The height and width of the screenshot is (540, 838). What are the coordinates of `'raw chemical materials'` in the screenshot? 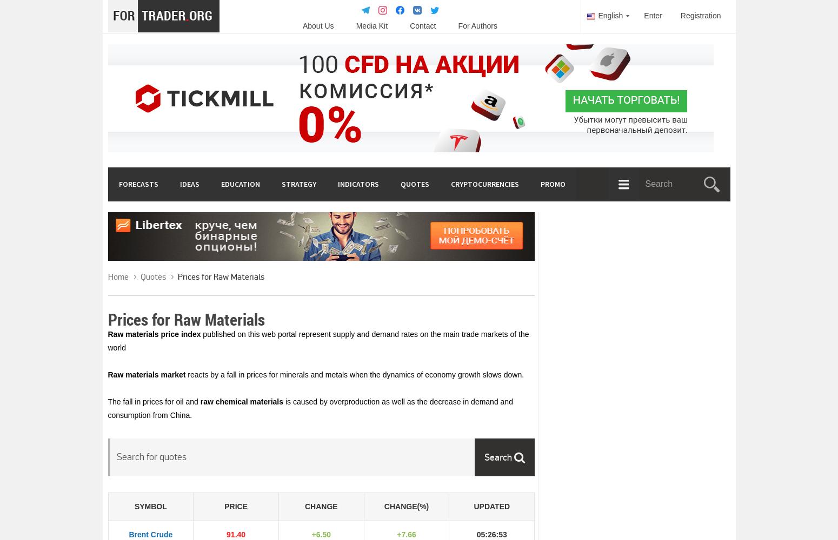 It's located at (242, 401).